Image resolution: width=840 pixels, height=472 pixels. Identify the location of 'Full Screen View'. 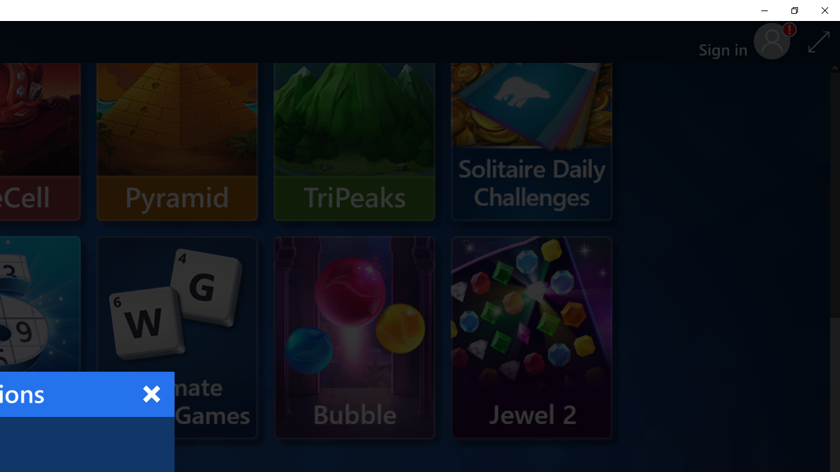
(818, 41).